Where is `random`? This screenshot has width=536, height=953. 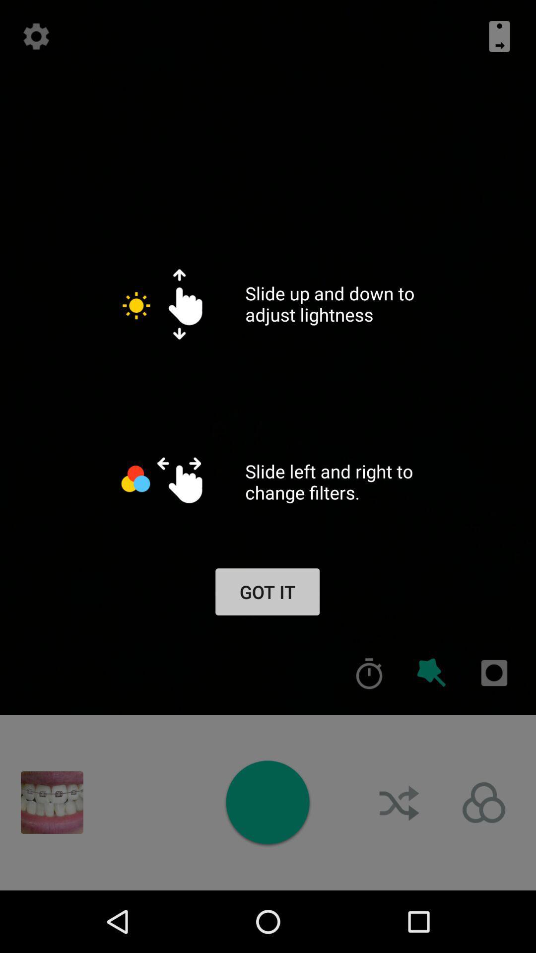
random is located at coordinates (400, 803).